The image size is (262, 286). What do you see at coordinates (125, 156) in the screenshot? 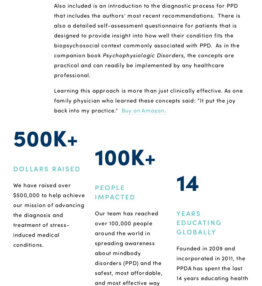
I see `'100K+'` at bounding box center [125, 156].